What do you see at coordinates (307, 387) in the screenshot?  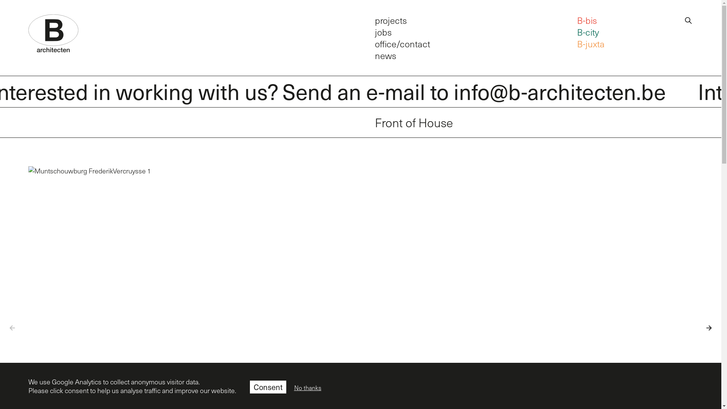 I see `'No thanks'` at bounding box center [307, 387].